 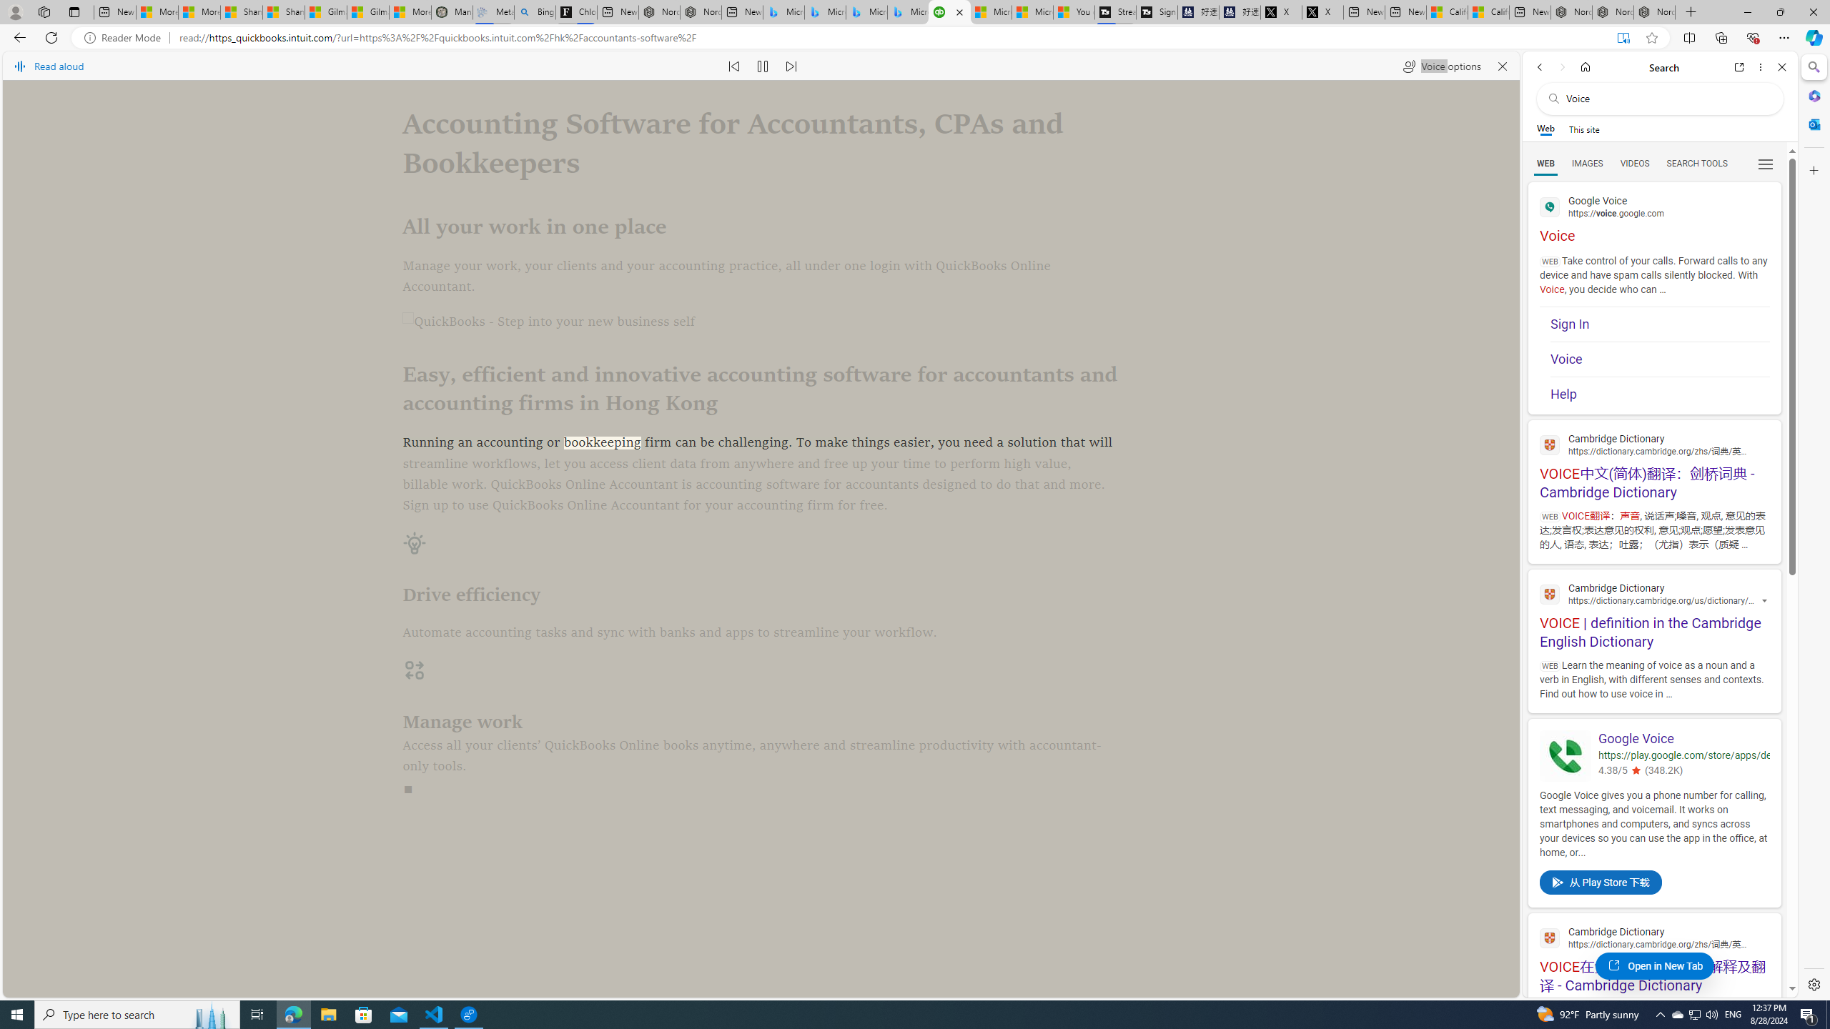 What do you see at coordinates (891, 38) in the screenshot?
I see `'Address and search bar'` at bounding box center [891, 38].